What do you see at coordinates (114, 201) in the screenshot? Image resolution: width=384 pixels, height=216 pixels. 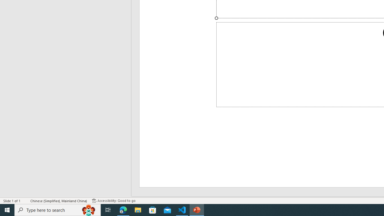 I see `'Accessibility Checker Accessibility: Good to go'` at bounding box center [114, 201].